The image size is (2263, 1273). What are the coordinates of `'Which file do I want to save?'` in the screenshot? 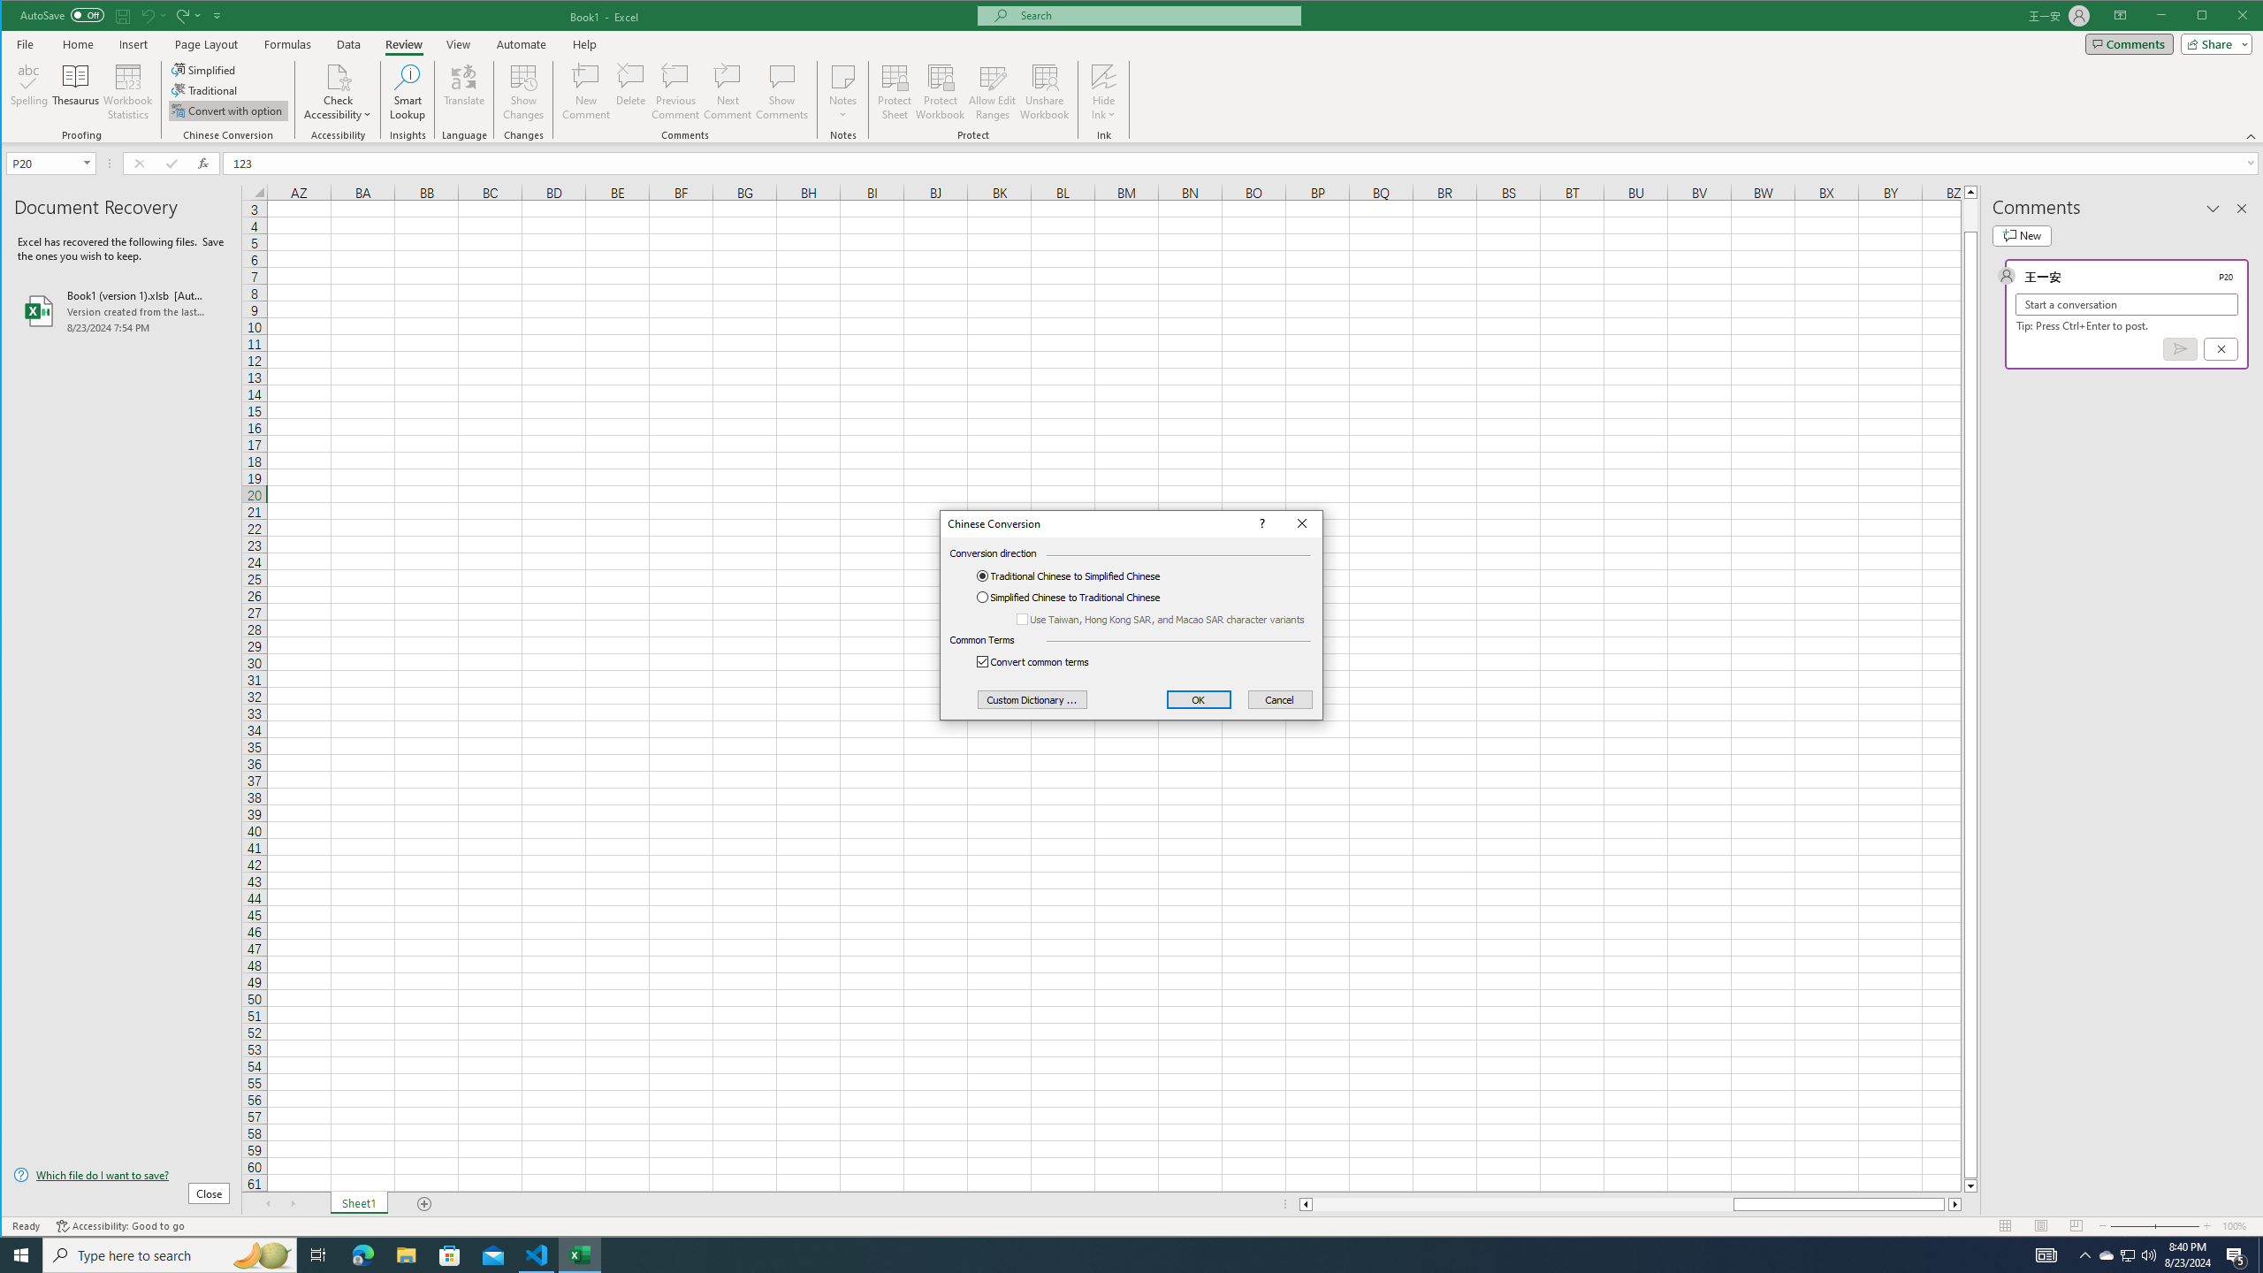 It's located at (122, 1174).